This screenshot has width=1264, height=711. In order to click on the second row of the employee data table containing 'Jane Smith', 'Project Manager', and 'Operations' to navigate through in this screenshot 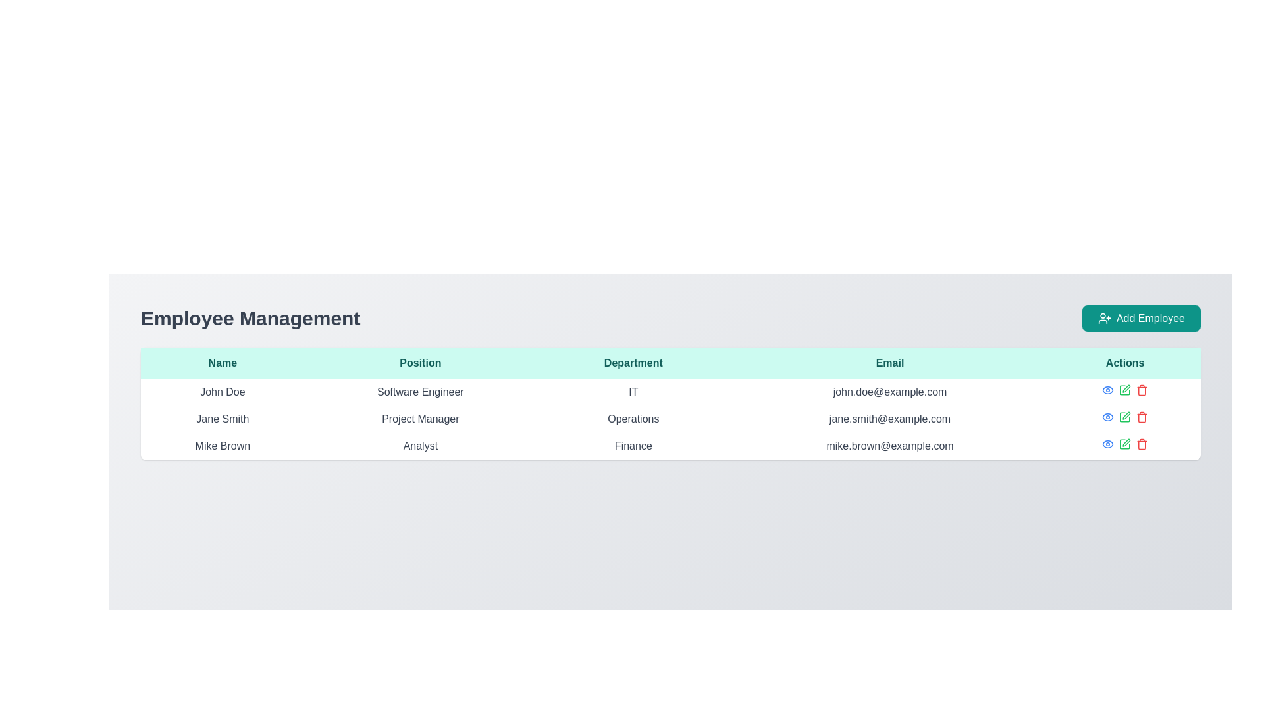, I will do `click(670, 419)`.